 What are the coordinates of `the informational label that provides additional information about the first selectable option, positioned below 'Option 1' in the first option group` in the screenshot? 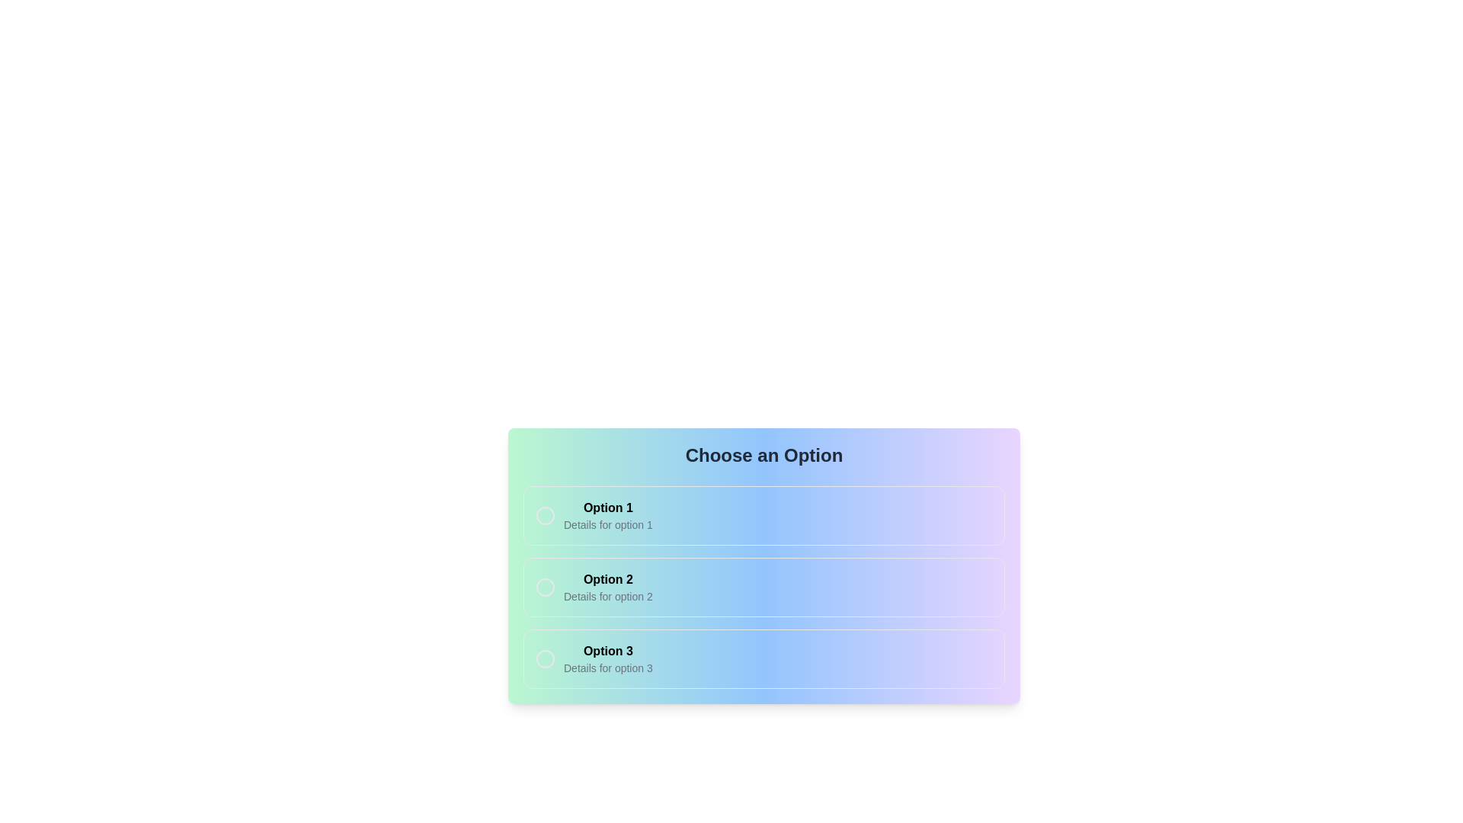 It's located at (607, 524).